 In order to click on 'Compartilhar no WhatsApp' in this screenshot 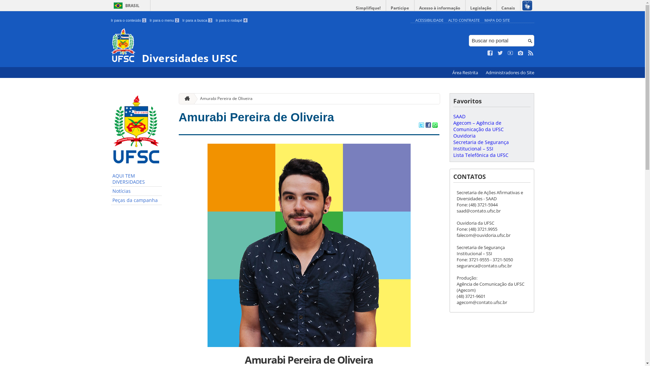, I will do `click(434, 125)`.